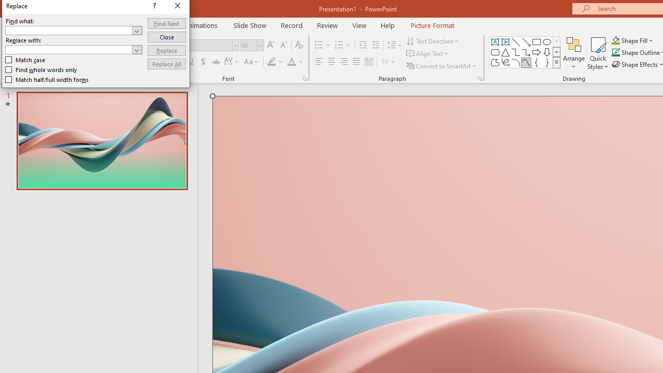 The height and width of the screenshot is (373, 663). I want to click on 'Replace All', so click(166, 64).